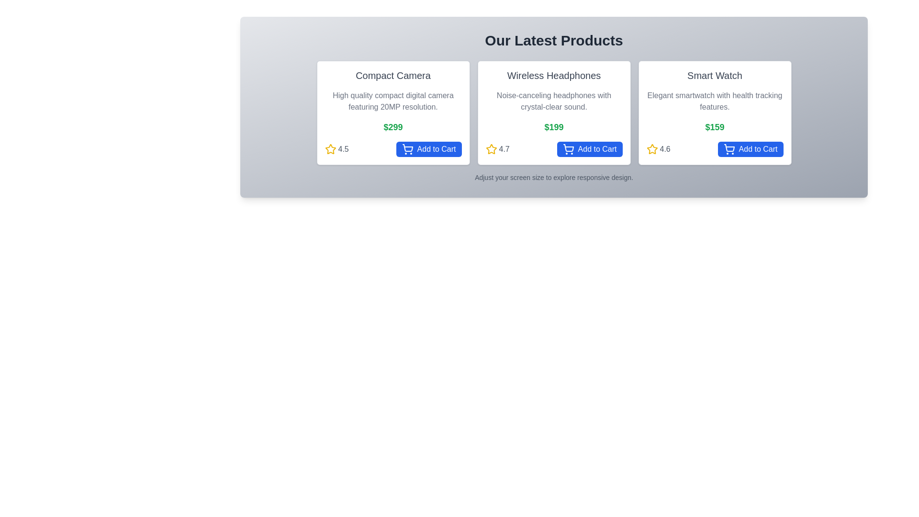 Image resolution: width=919 pixels, height=517 pixels. I want to click on the rating indicator element that features a yellow star icon and a numeric rating of '4.6' in gray font, located above the 'Add to Cart' button and below the price text, so click(658, 149).